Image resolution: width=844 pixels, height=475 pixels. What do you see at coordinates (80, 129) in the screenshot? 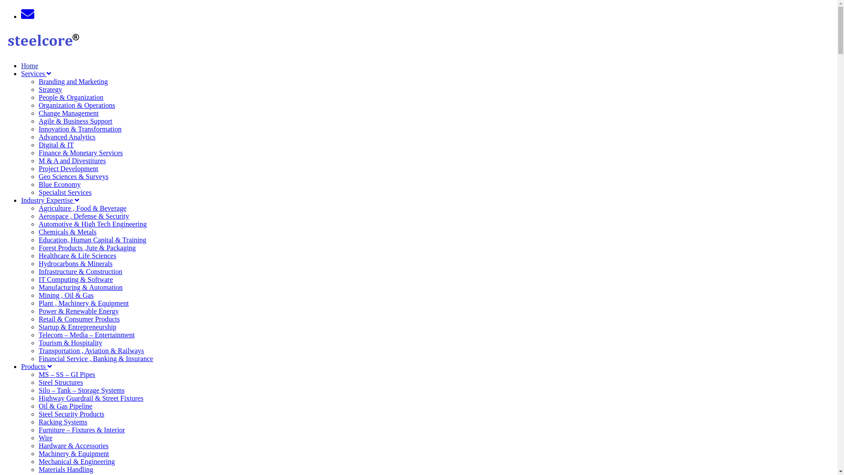
I see `'Innovation & Transformation'` at bounding box center [80, 129].